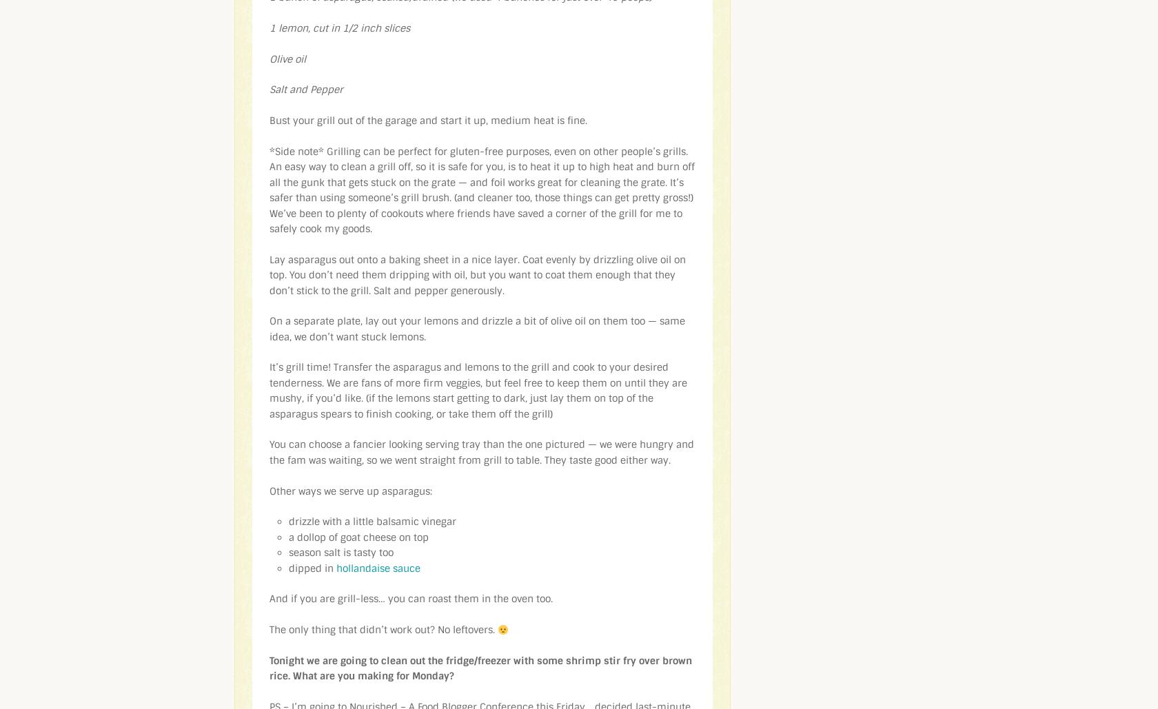 This screenshot has width=1158, height=709. What do you see at coordinates (306, 88) in the screenshot?
I see `'Salt and Pepper'` at bounding box center [306, 88].